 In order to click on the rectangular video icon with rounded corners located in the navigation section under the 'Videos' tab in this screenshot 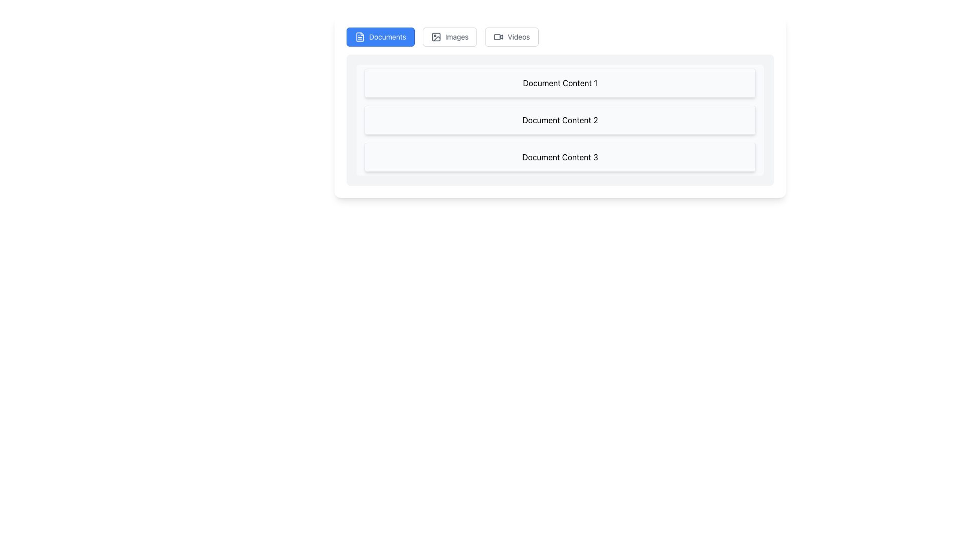, I will do `click(497, 36)`.